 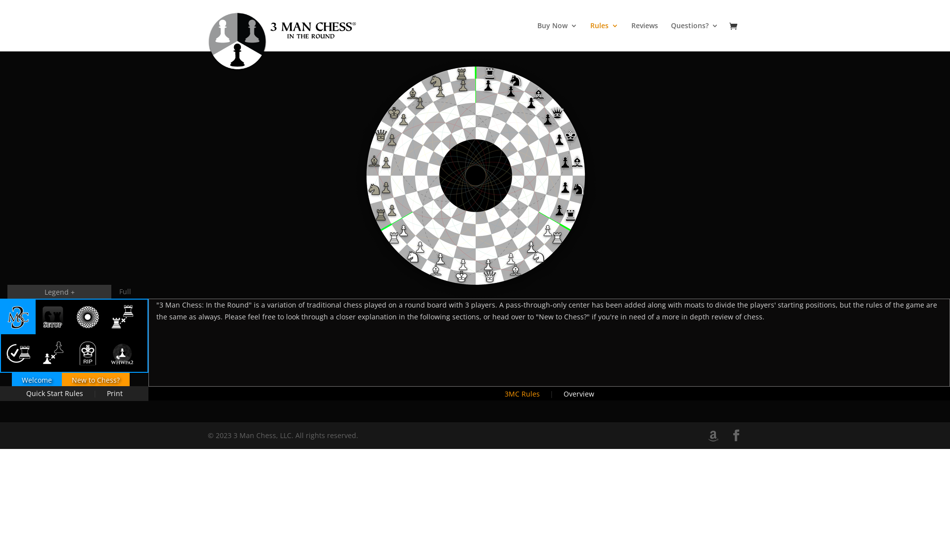 What do you see at coordinates (88, 316) in the screenshot?
I see `'The Center'` at bounding box center [88, 316].